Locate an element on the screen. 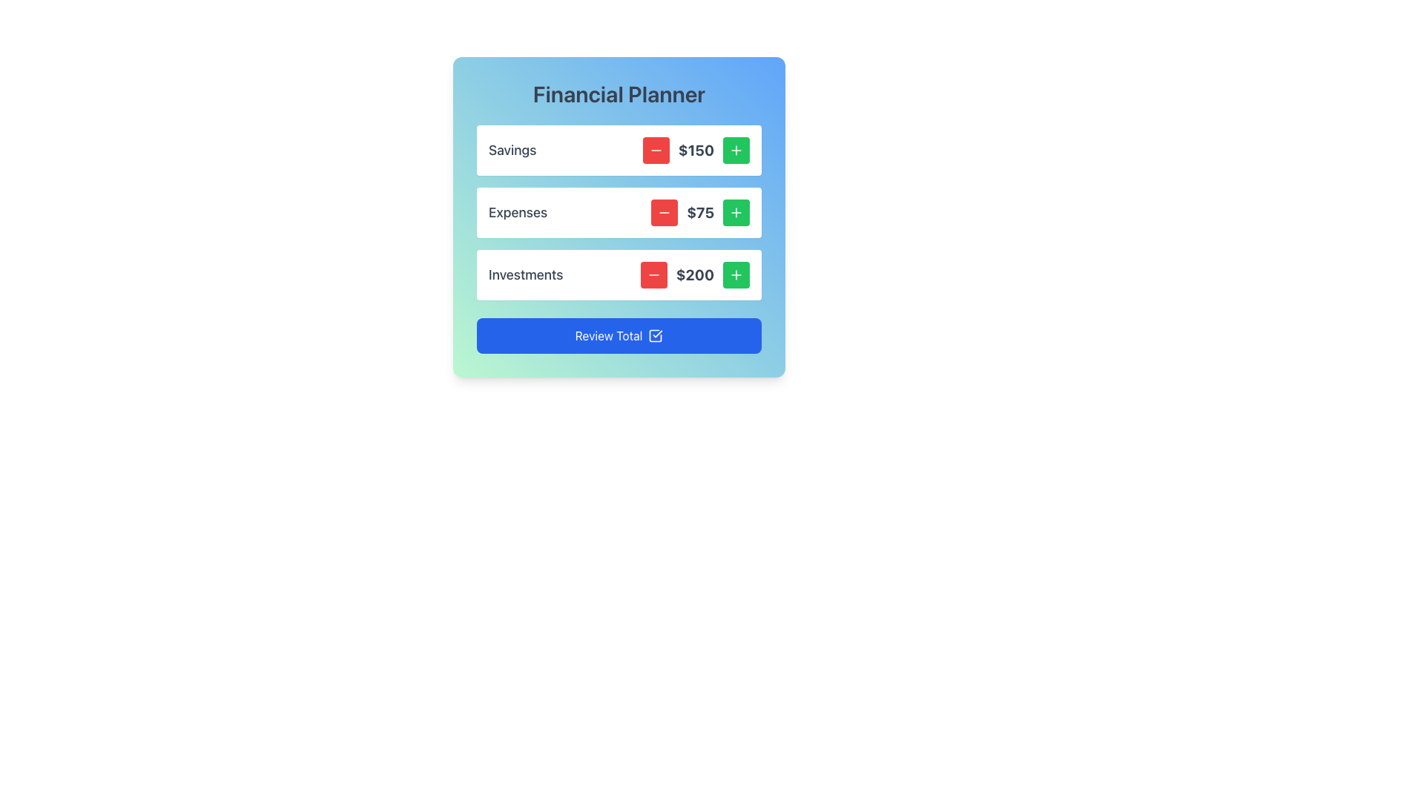 This screenshot has height=801, width=1424. the decrement button located immediately to the left of the text '$75' in the financial planning interface to decrease the value associated with 'Expenses' is located at coordinates (664, 212).